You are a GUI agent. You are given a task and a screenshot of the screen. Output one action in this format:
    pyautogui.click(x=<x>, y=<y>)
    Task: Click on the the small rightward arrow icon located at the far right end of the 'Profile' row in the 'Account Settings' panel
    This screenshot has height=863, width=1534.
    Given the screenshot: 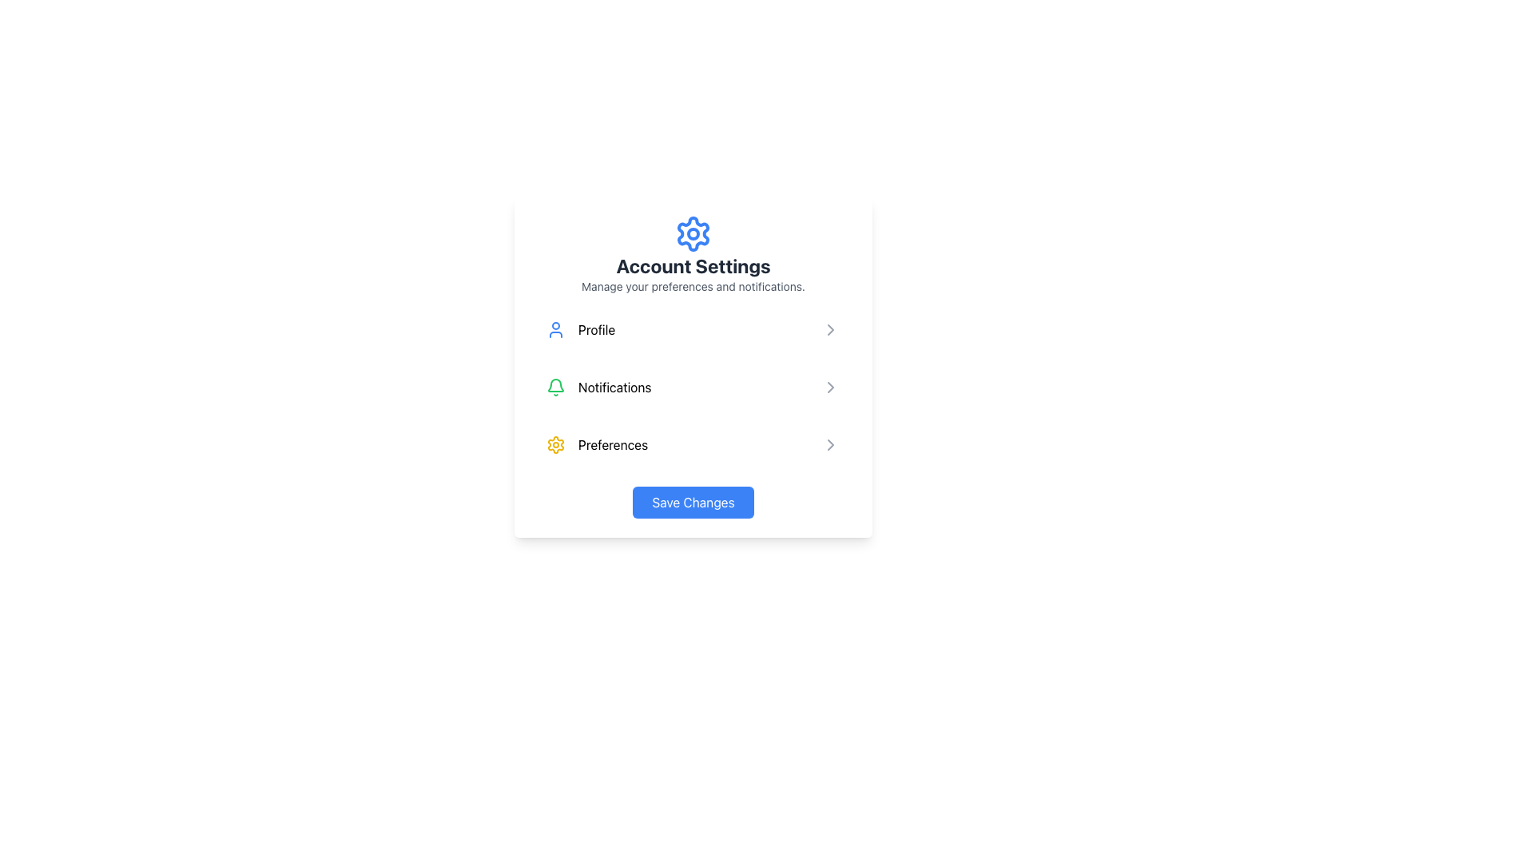 What is the action you would take?
    pyautogui.click(x=831, y=328)
    